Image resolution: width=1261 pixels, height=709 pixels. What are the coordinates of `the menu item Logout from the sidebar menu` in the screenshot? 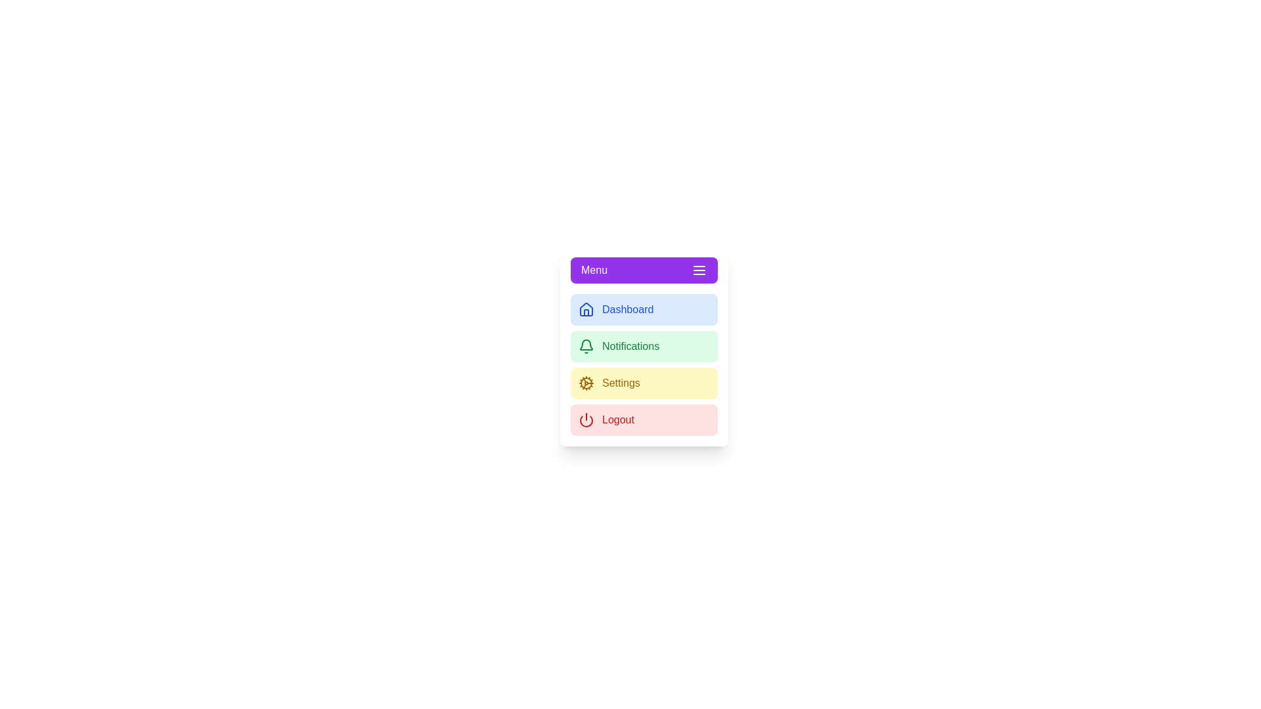 It's located at (644, 420).